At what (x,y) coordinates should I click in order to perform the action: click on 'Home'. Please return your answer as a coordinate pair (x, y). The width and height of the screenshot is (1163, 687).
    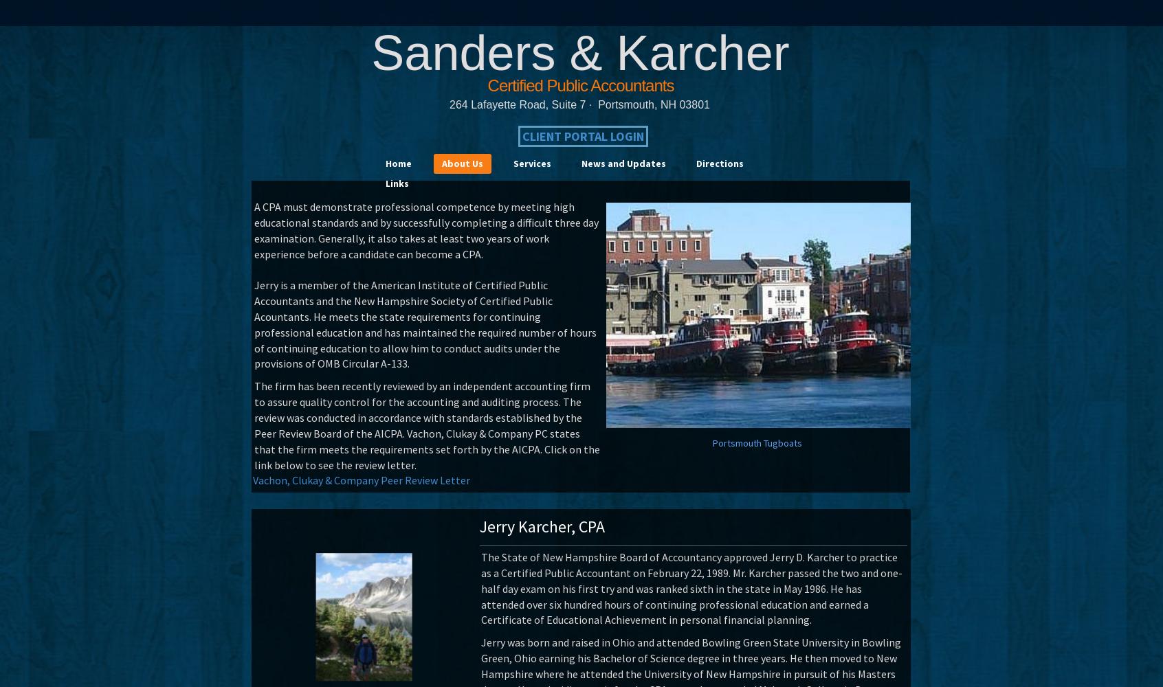
    Looking at the image, I should click on (398, 163).